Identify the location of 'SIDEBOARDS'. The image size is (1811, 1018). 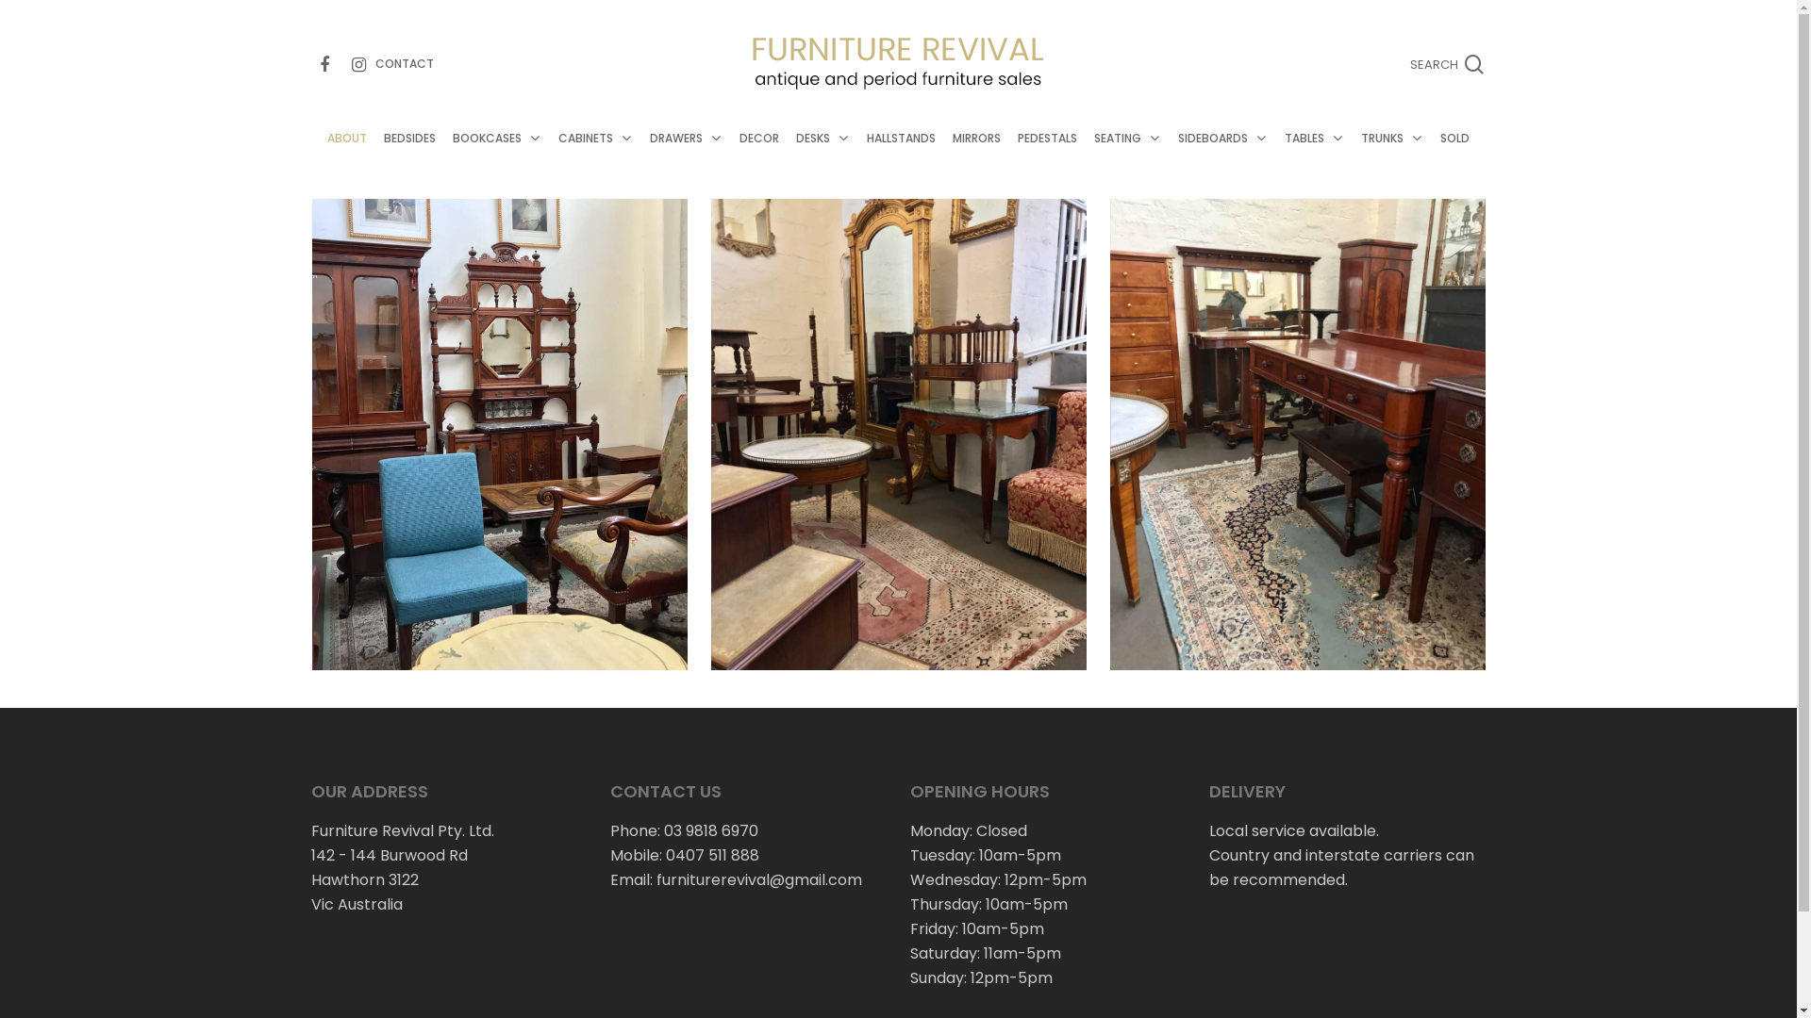
(1168, 156).